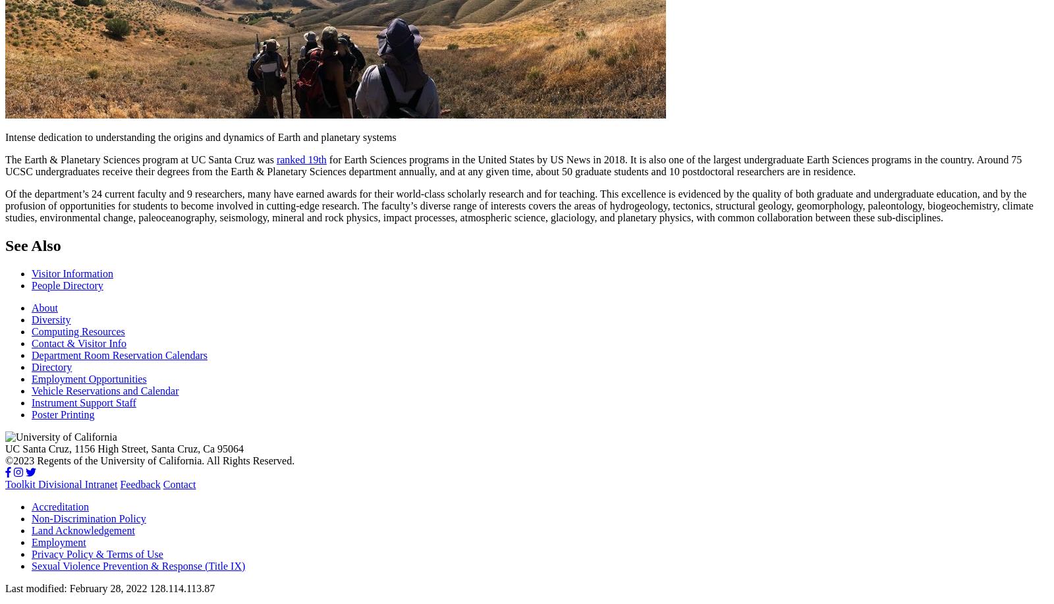 The width and height of the screenshot is (1054, 604). I want to click on 'Diversity', so click(50, 318).